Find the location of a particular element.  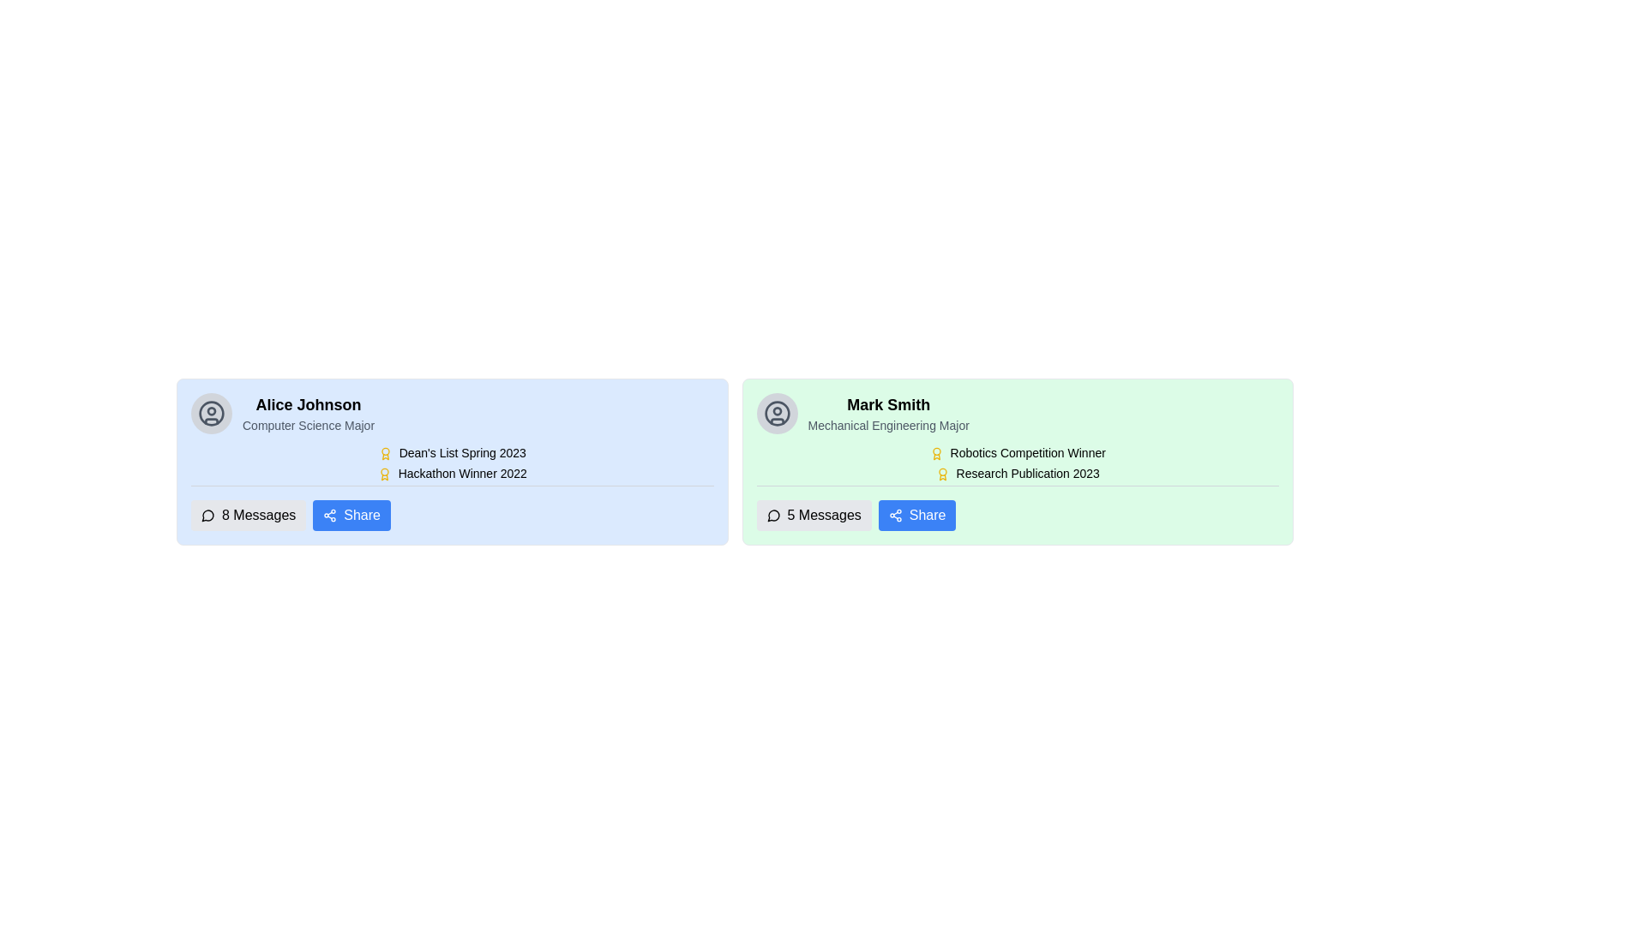

the 'Share' button, which has a blue background and white text is located at coordinates (351, 514).